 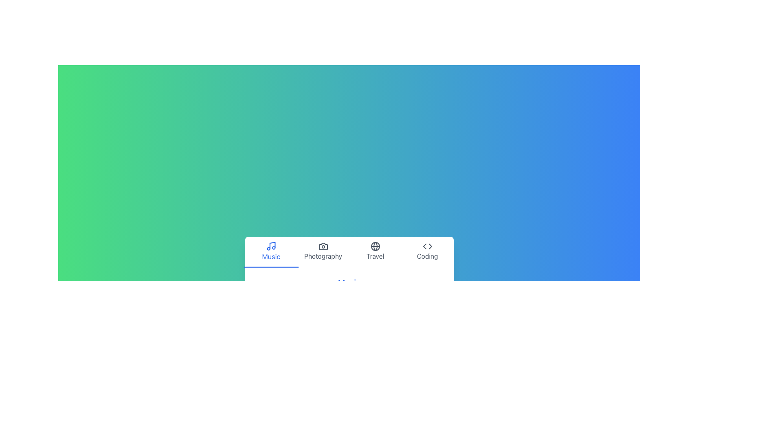 What do you see at coordinates (375, 246) in the screenshot?
I see `on the 'Travel' icon located in the third section of a horizontal navigation bar that includes 'Music,' 'Photography,' 'Travel,' and 'Coding.'` at bounding box center [375, 246].